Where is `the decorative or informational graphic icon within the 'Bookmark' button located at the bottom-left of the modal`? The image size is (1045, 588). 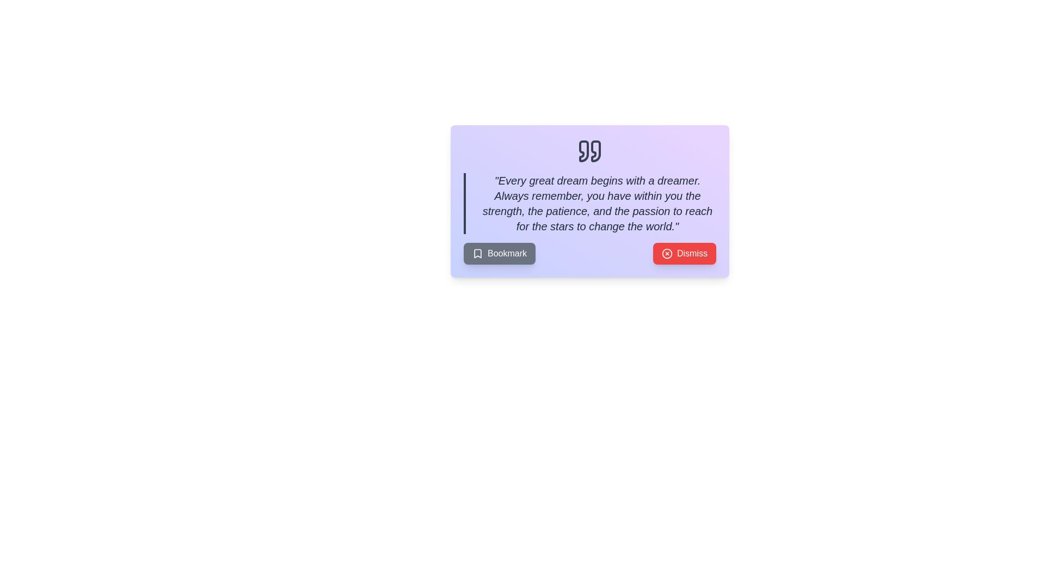
the decorative or informational graphic icon within the 'Bookmark' button located at the bottom-left of the modal is located at coordinates (478, 254).